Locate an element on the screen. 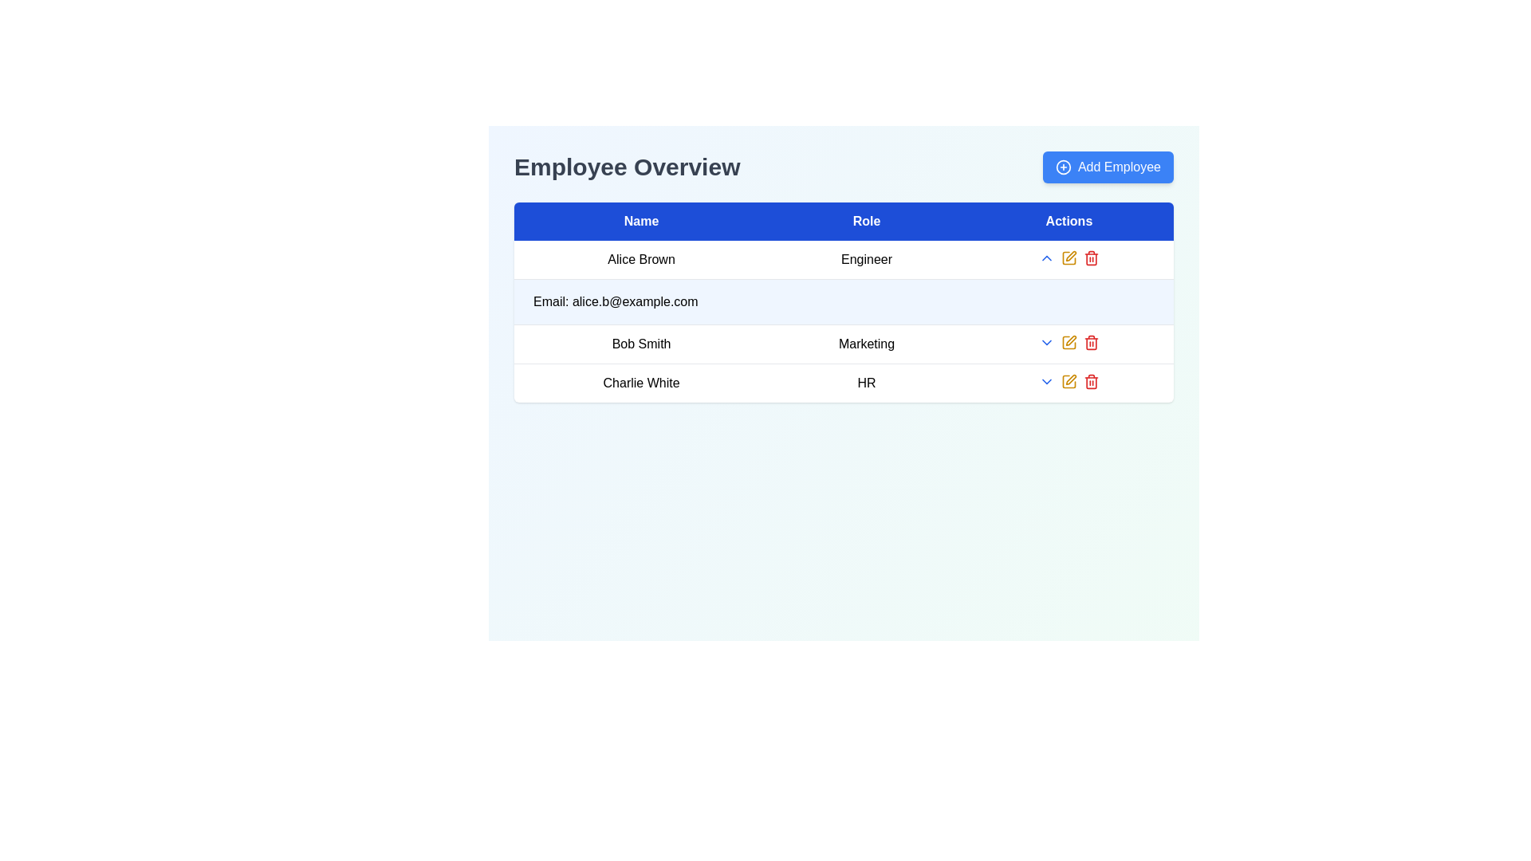  the trash bin icon located in the 'Actions' column of the row labeled 'Charlie White' and 'HR' is located at coordinates (1090, 343).